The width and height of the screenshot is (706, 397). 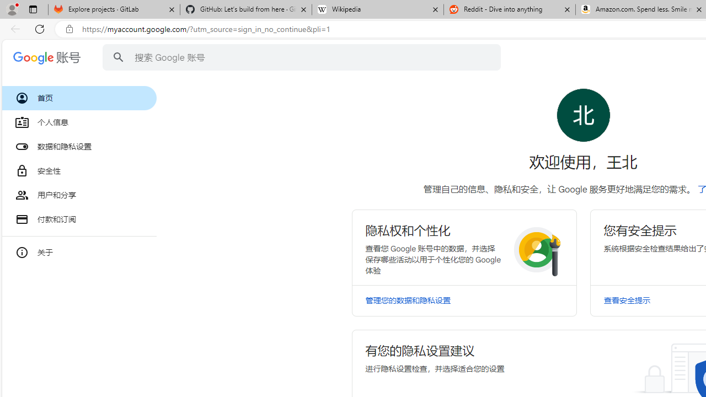 What do you see at coordinates (509, 9) in the screenshot?
I see `'Reddit - Dive into anything'` at bounding box center [509, 9].